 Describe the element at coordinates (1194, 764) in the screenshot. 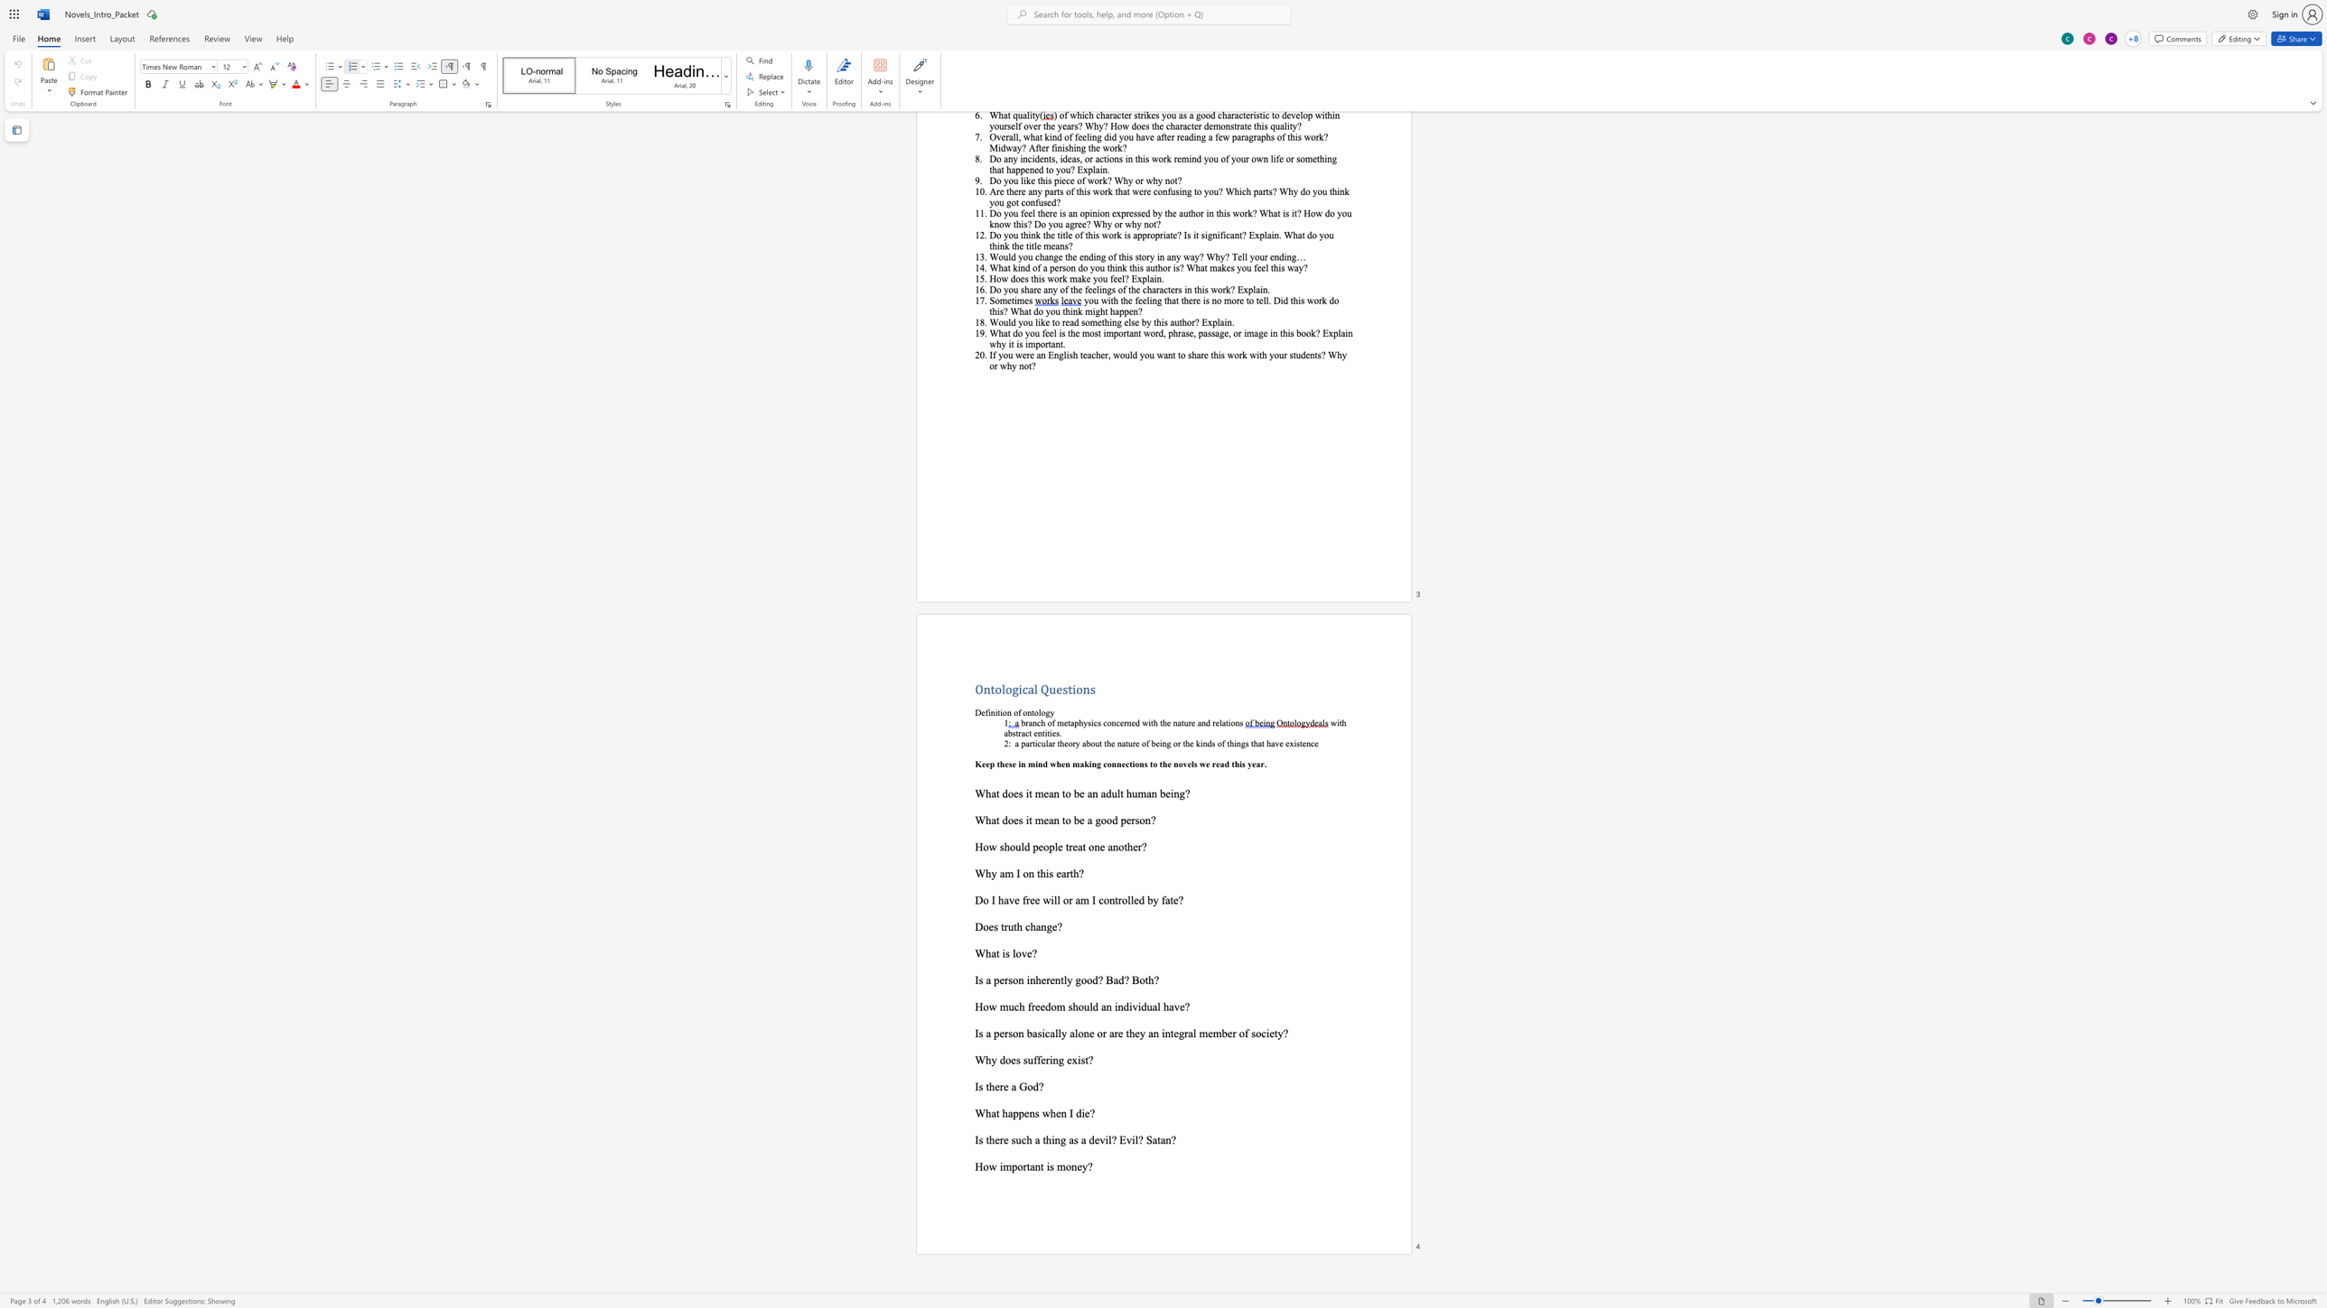

I see `the space between the continuous character "l" and "s" in the text` at that location.